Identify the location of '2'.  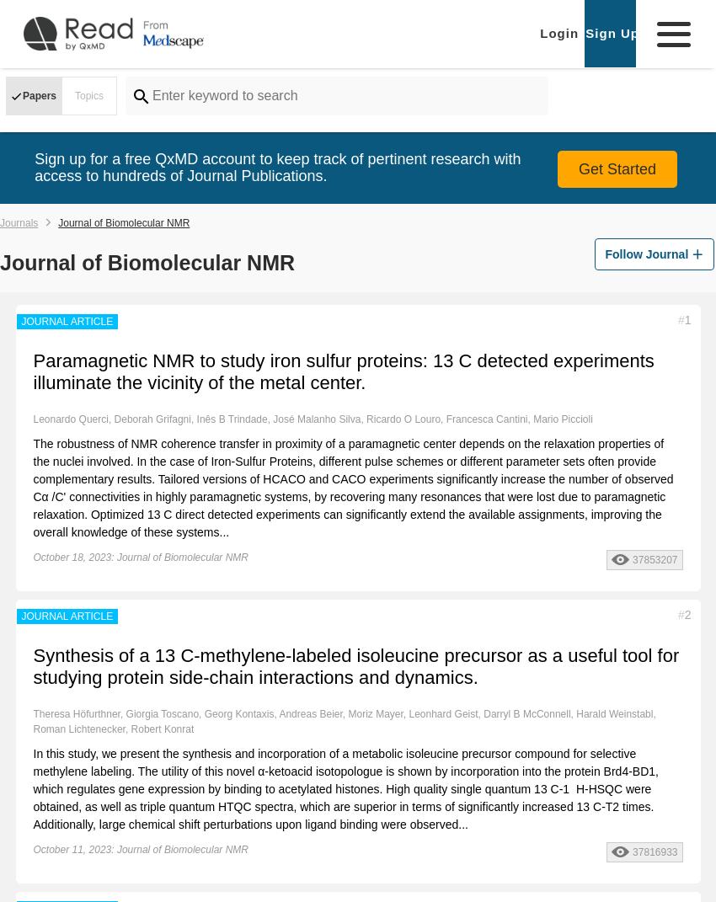
(687, 614).